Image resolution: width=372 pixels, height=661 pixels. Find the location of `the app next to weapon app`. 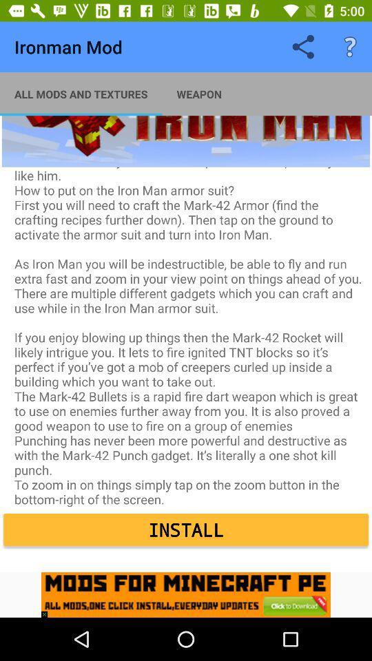

the app next to weapon app is located at coordinates (81, 93).